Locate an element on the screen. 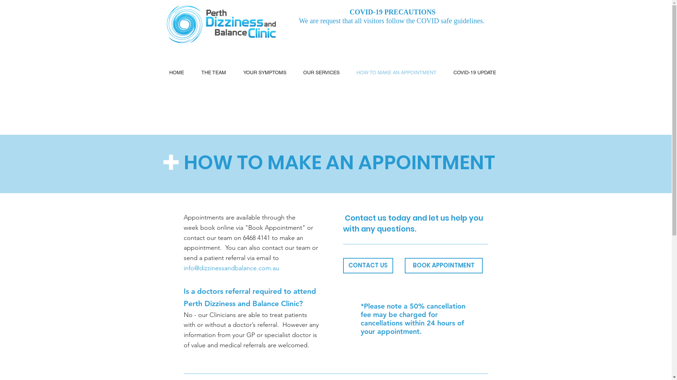 The height and width of the screenshot is (380, 677). 'HOW TO MAKE AN APPOINTMENT' is located at coordinates (400, 72).